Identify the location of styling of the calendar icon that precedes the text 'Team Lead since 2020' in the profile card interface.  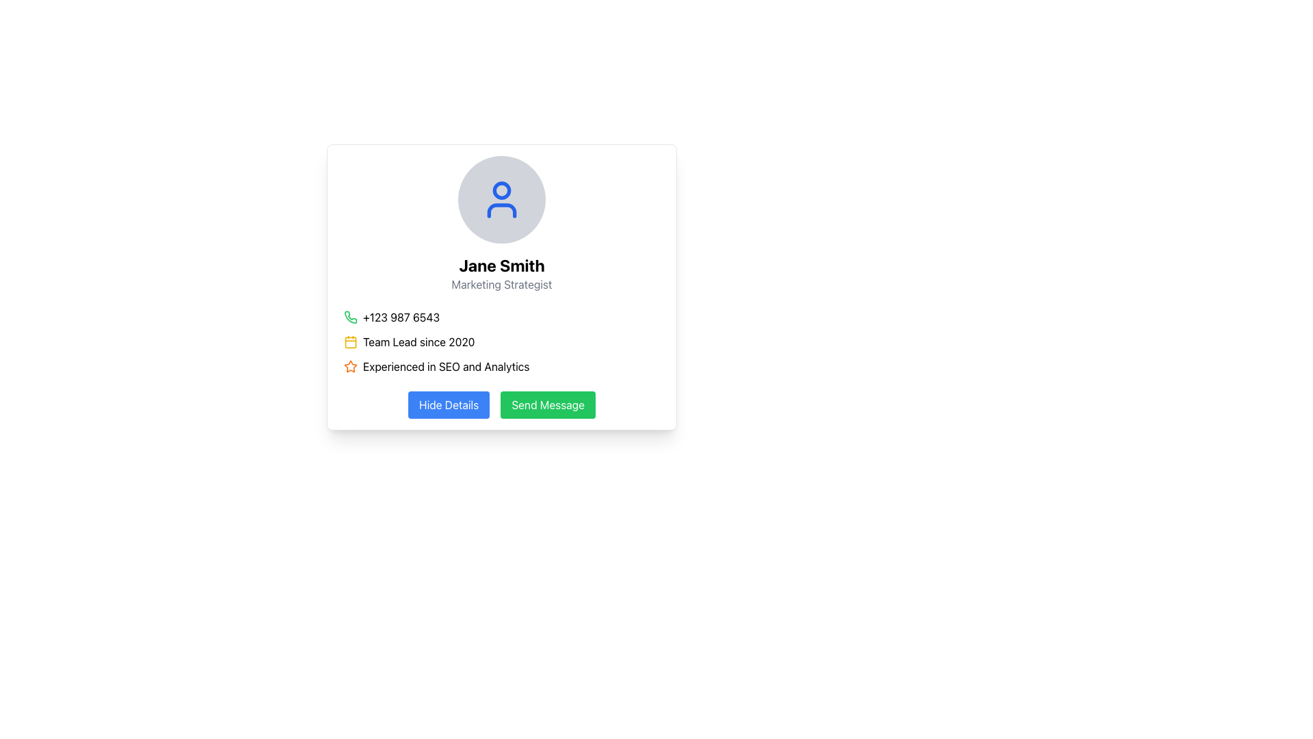
(351, 341).